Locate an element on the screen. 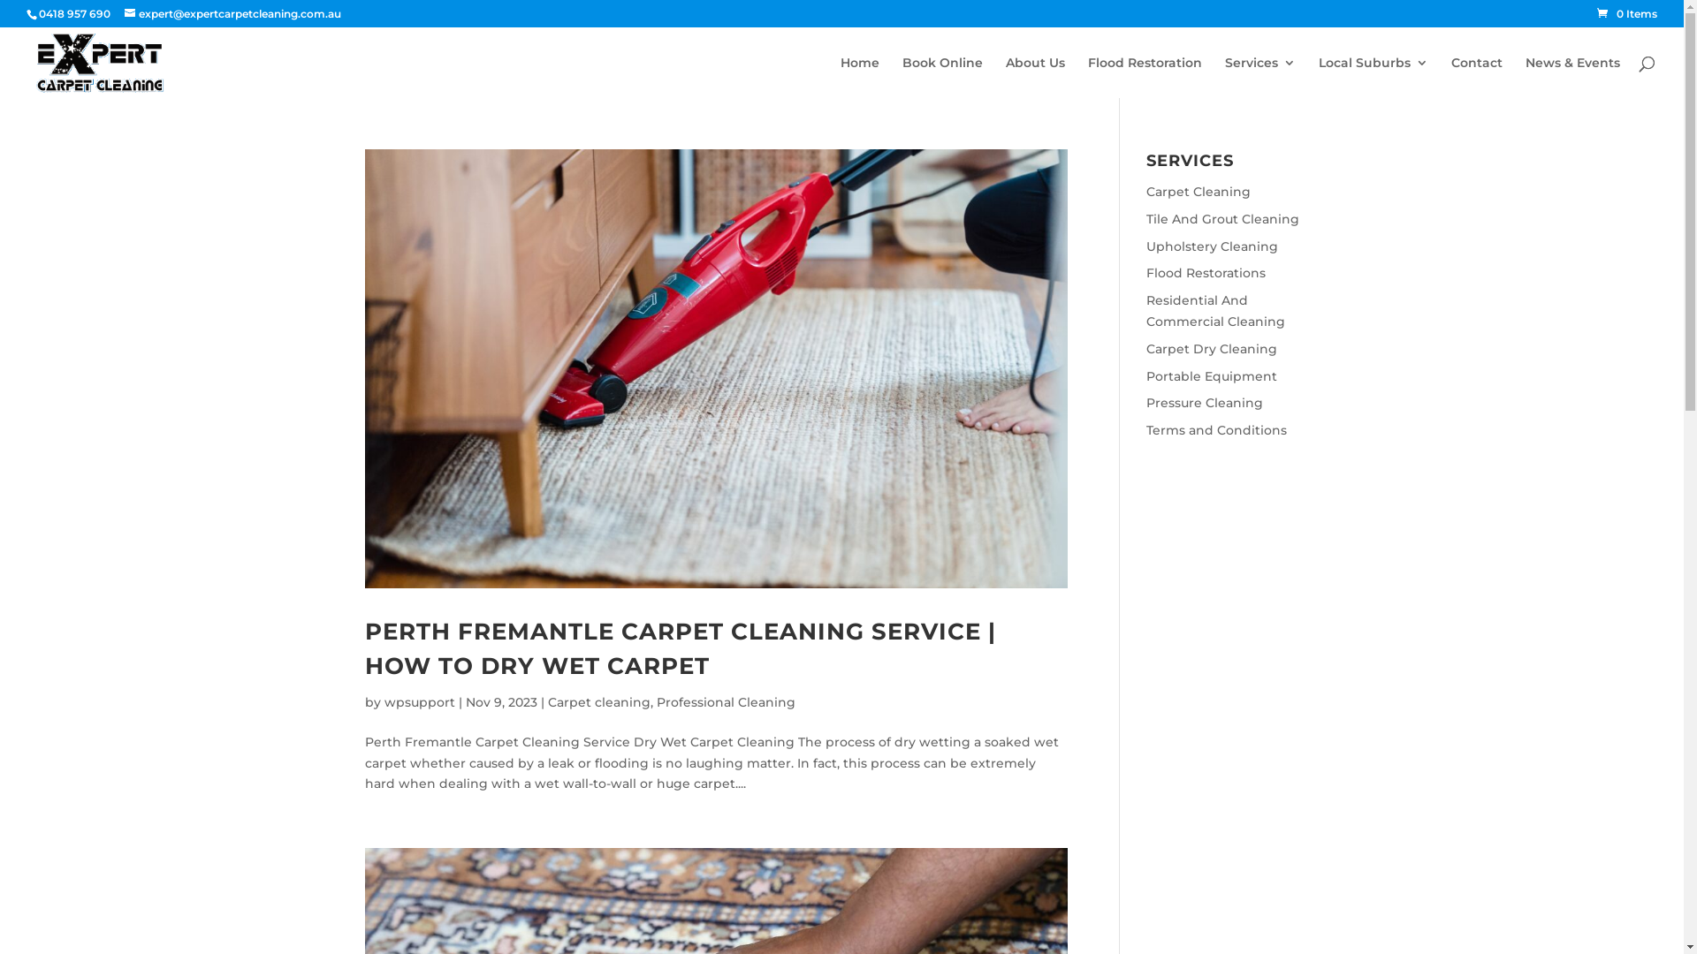  'Terms and Conditions' is located at coordinates (1215, 429).